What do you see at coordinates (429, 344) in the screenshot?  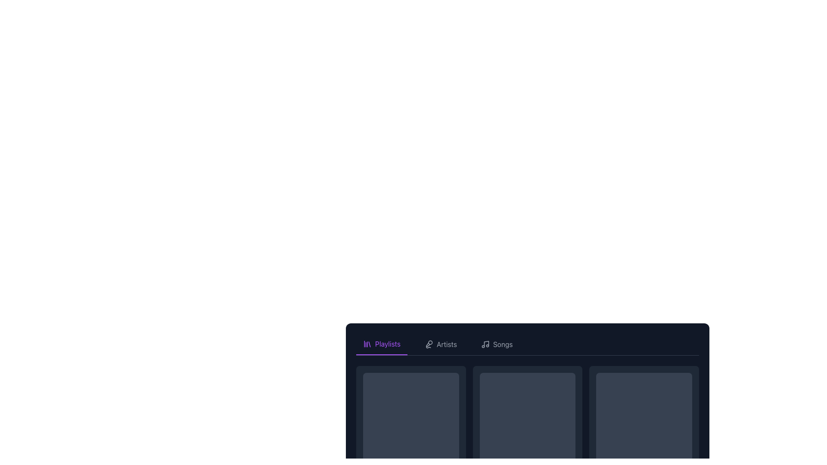 I see `the microphone icon located in the 'Artists' section of the top navigation bar, which features a thin outline styled design and is positioned to the left of the 'Artists' label` at bounding box center [429, 344].